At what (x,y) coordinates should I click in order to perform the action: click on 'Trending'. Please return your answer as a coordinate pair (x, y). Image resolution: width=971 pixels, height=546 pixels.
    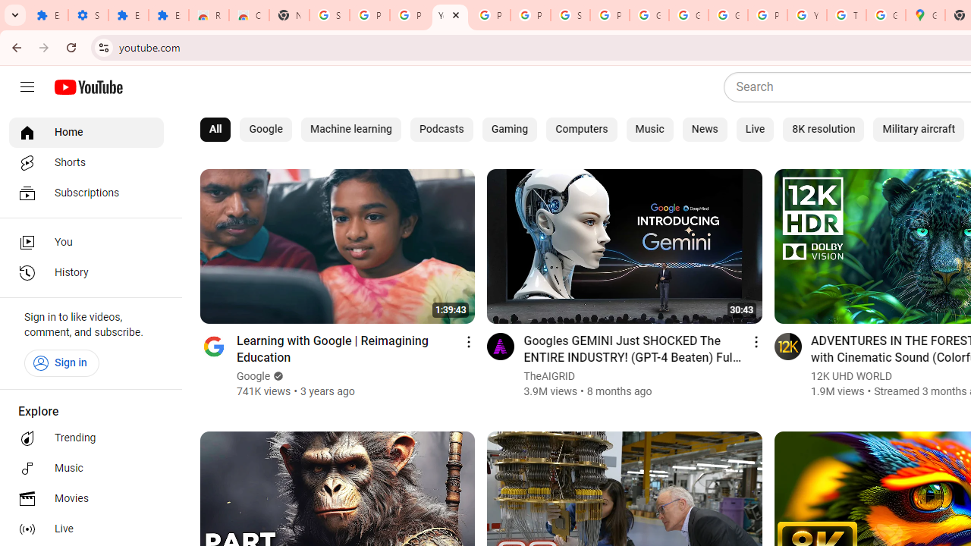
    Looking at the image, I should click on (85, 438).